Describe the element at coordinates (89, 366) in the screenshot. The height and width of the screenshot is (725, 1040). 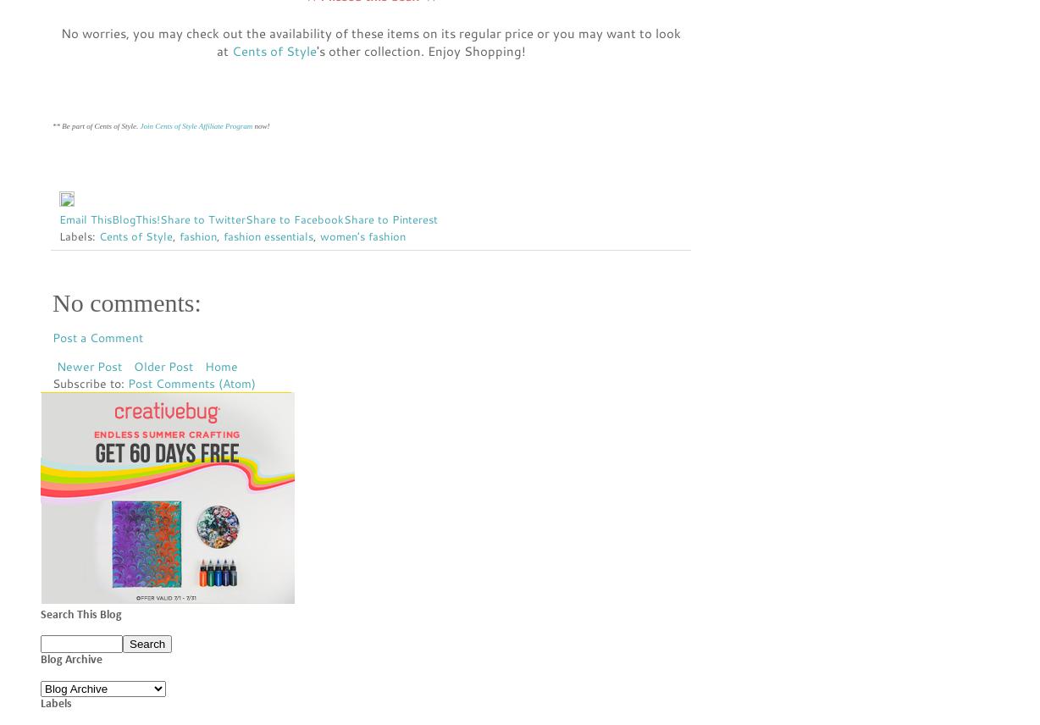
I see `'Newer Post'` at that location.